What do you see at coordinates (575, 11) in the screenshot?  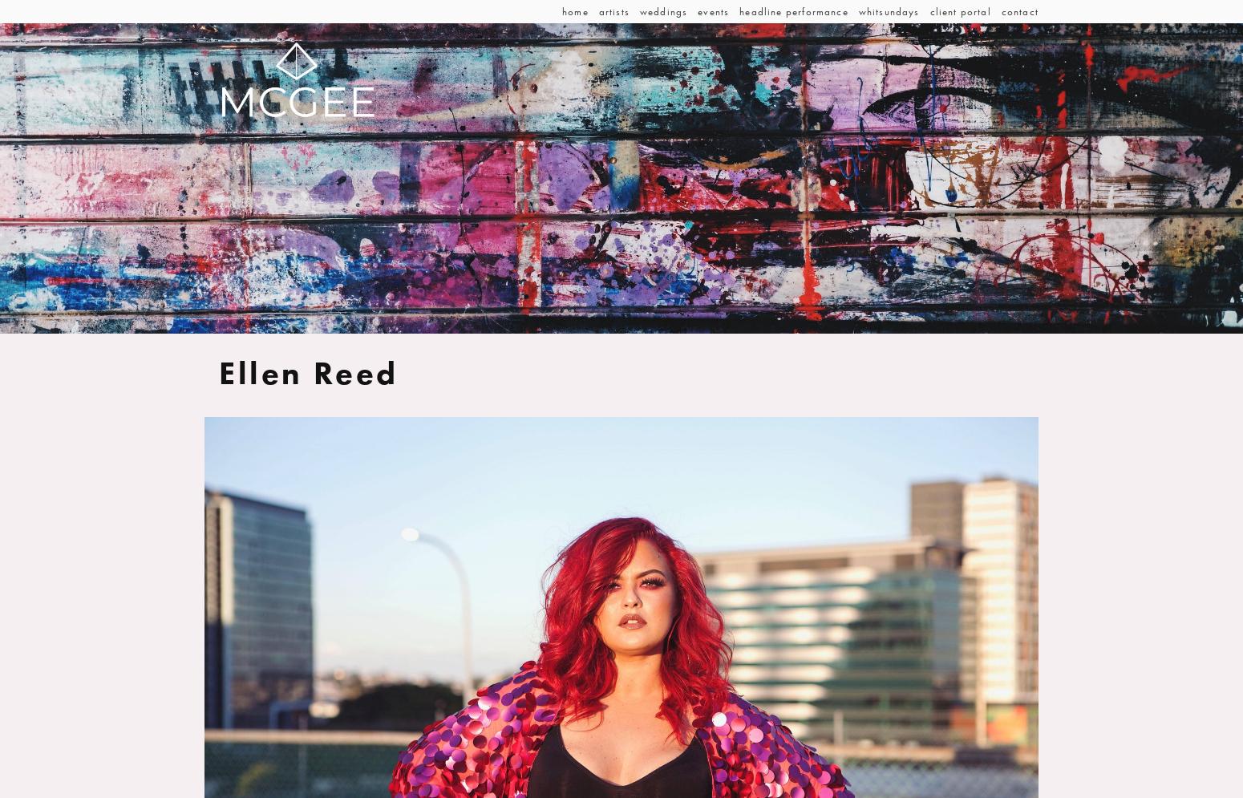 I see `'Home'` at bounding box center [575, 11].